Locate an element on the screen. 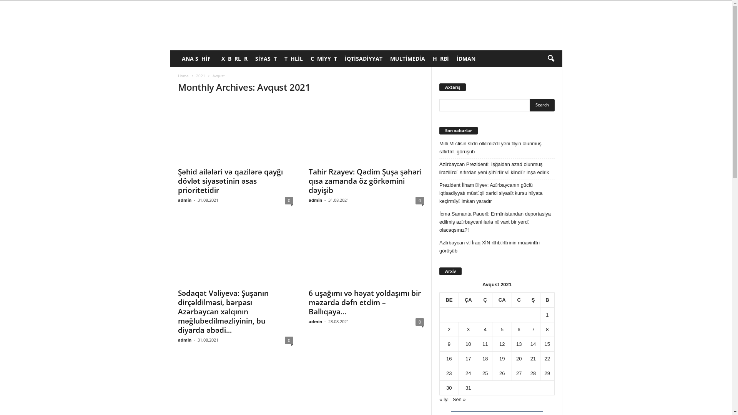 The width and height of the screenshot is (738, 415). '18' is located at coordinates (482, 359).